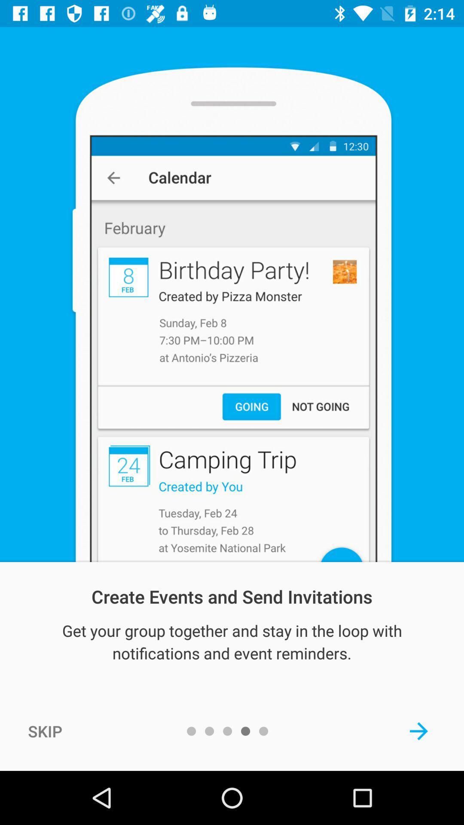 The height and width of the screenshot is (825, 464). Describe the element at coordinates (418, 730) in the screenshot. I see `the arrow_forward icon` at that location.